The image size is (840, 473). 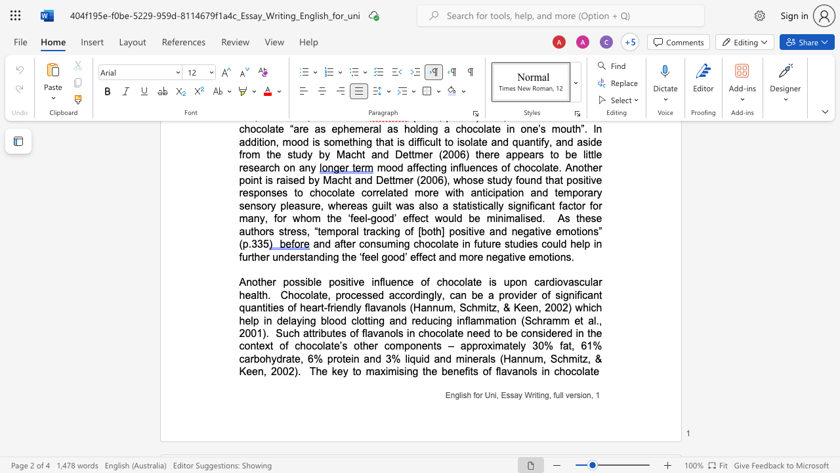 What do you see at coordinates (467, 371) in the screenshot?
I see `the space between the continuous character "f" and "i" in the text` at bounding box center [467, 371].